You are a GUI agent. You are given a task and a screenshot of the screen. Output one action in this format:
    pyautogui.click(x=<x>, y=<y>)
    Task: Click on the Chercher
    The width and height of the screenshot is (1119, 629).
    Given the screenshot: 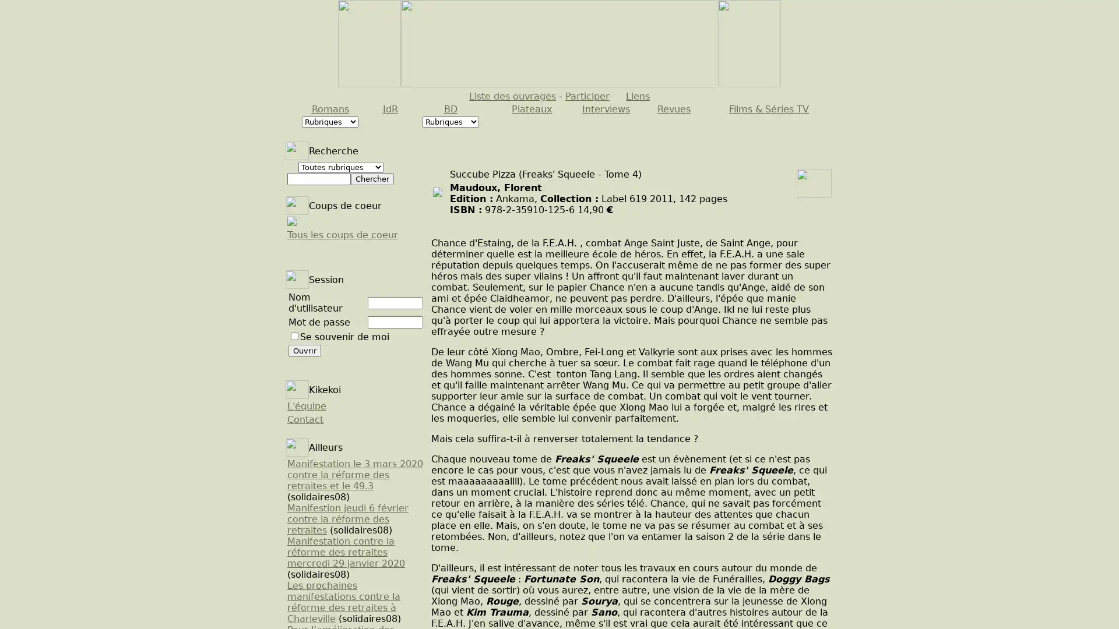 What is the action you would take?
    pyautogui.click(x=371, y=179)
    